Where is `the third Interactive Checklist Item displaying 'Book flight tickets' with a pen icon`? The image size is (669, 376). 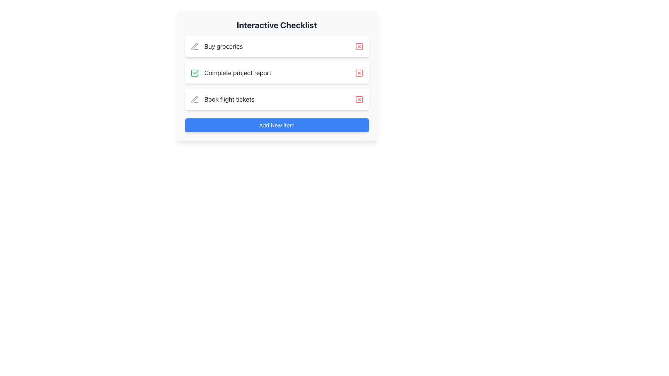
the third Interactive Checklist Item displaying 'Book flight tickets' with a pen icon is located at coordinates (222, 99).